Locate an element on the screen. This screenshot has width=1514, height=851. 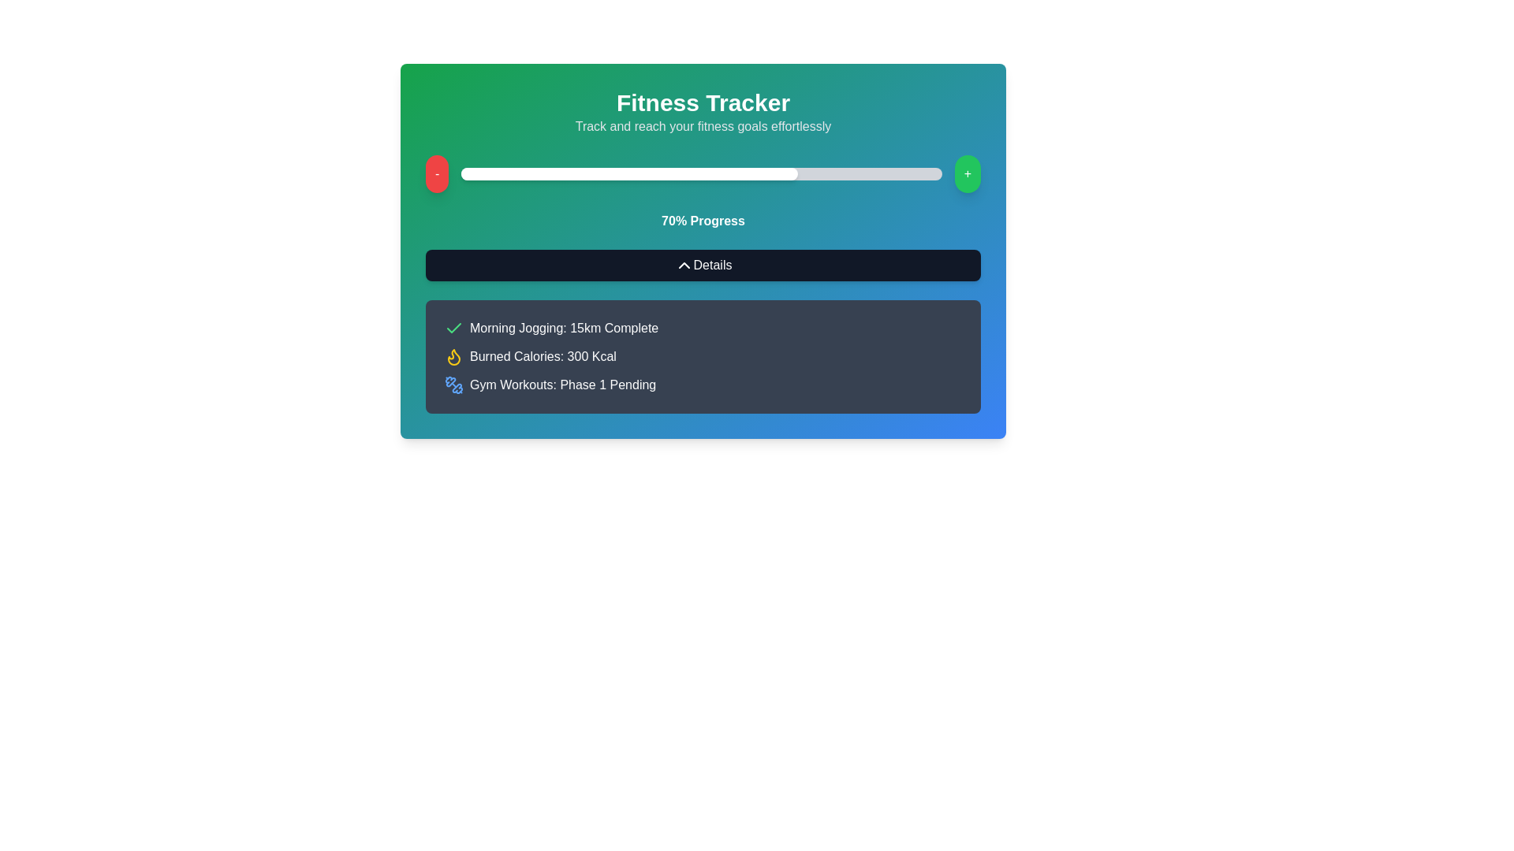
progress is located at coordinates (628, 173).